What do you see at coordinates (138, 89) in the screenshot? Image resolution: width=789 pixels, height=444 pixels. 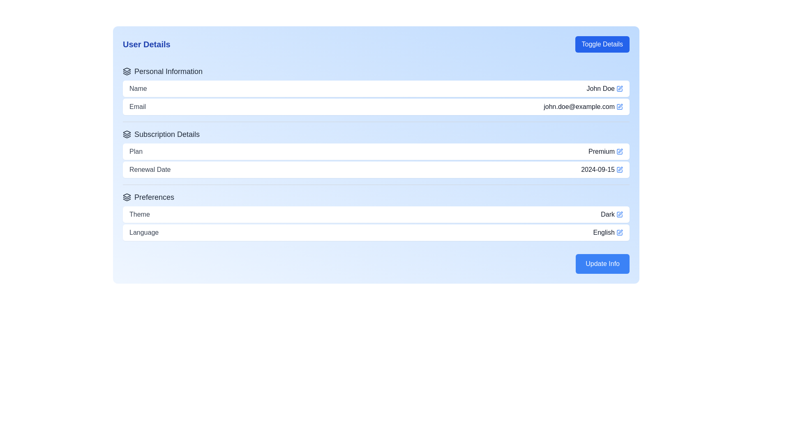 I see `the 'Name' text label, which is displayed in gray font color and indicates the associated content for a name field, located at the top of a white card-like section` at bounding box center [138, 89].